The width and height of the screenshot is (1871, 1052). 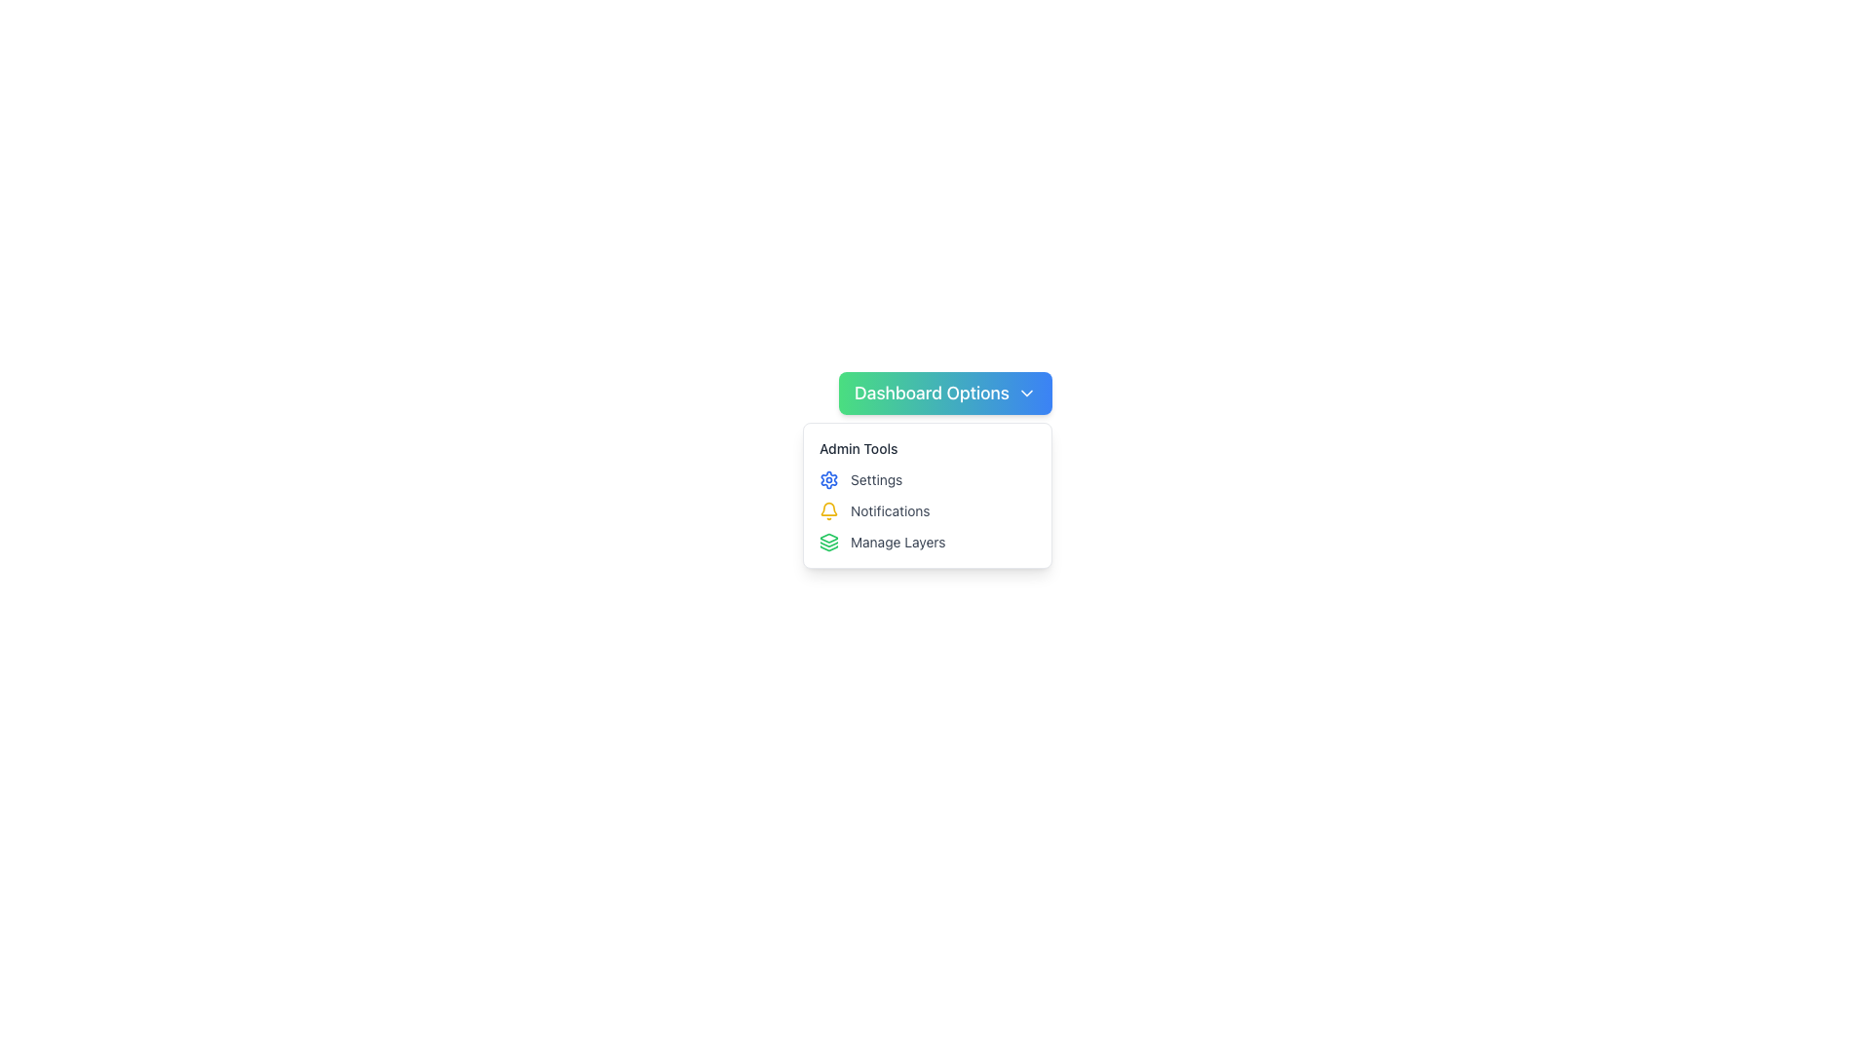 I want to click on the 'Notifications' subsection within the vertical menu, which is styled with a white background and light gray borders, located between 'Settings' and 'Manage Layers', so click(x=926, y=495).